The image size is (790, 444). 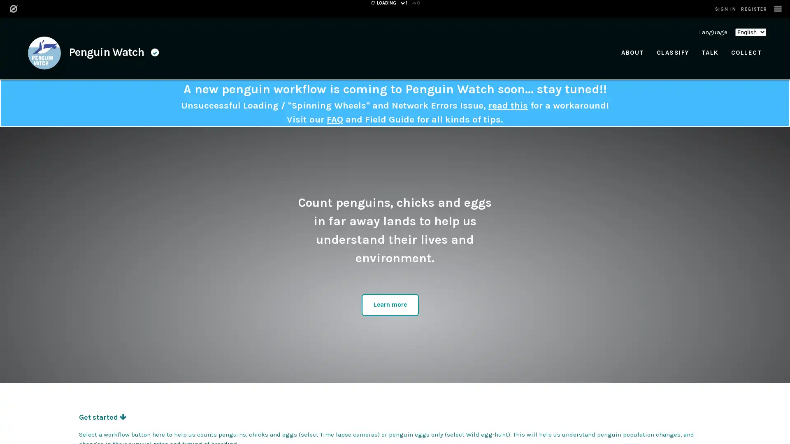 I want to click on SIGN IN, so click(x=739, y=9).